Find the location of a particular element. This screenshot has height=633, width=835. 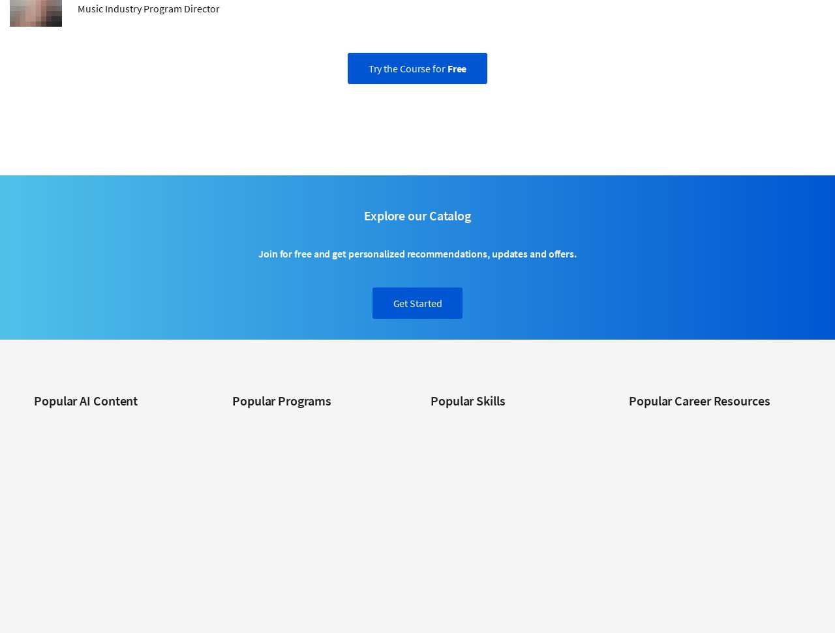

'Data Science Courses' is located at coordinates (470, 462).